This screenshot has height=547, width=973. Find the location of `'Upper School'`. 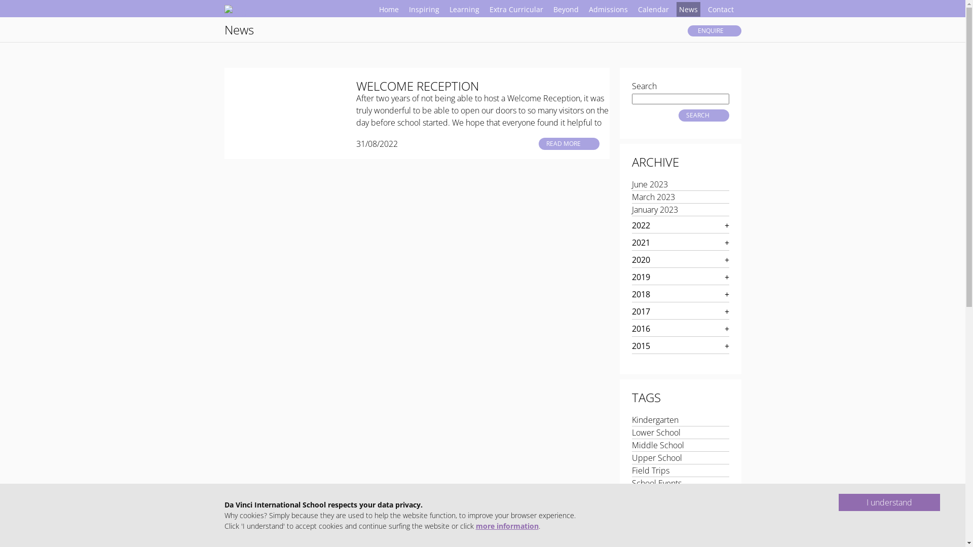

'Upper School' is located at coordinates (656, 457).